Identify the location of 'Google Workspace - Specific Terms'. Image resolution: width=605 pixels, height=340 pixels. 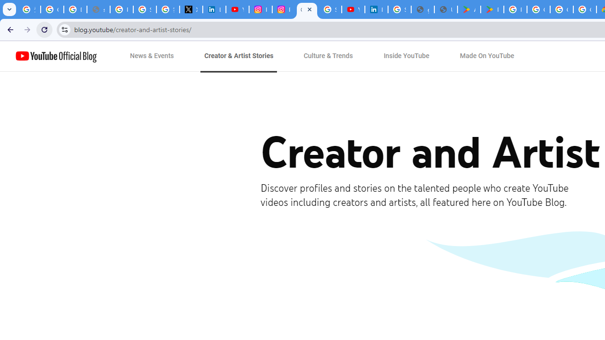
(562, 9).